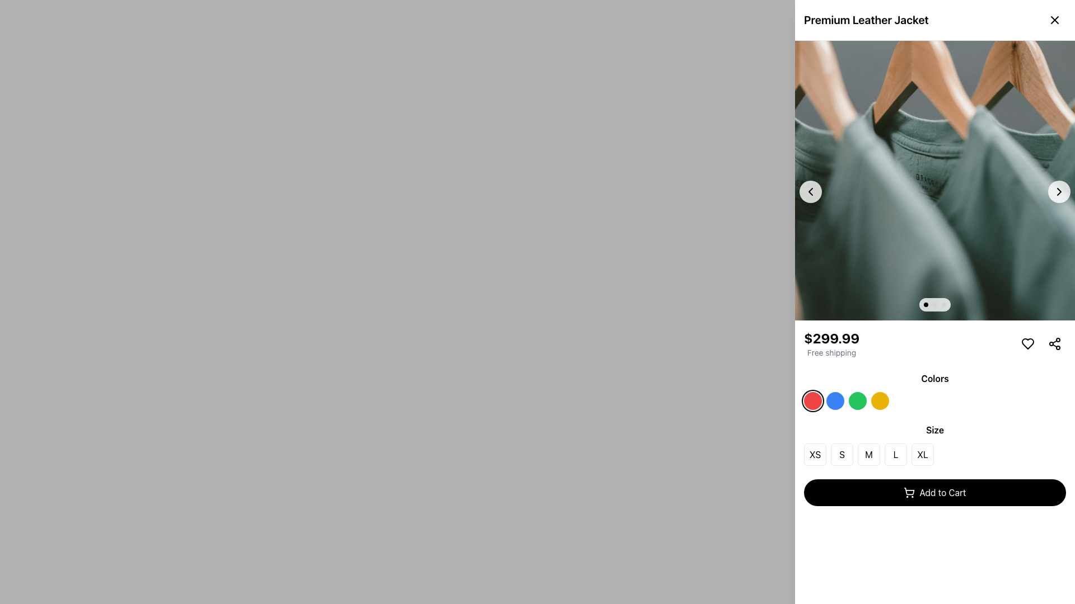 The height and width of the screenshot is (604, 1075). I want to click on the circular green icon, which is the third color selection icon under the 'Colors' label, so click(857, 400).